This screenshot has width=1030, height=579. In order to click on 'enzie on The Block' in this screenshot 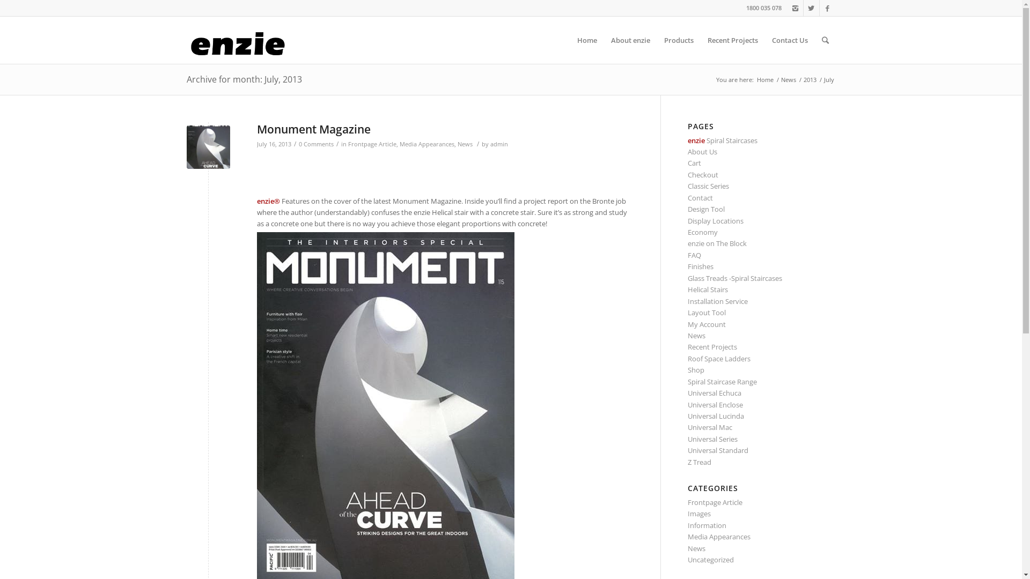, I will do `click(717, 243)`.